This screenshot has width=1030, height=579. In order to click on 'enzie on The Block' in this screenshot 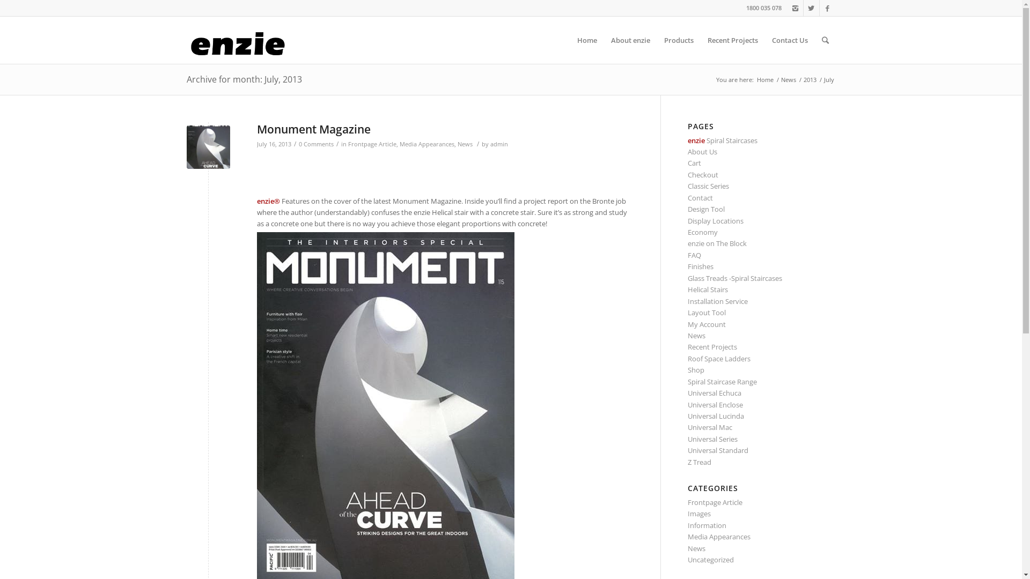, I will do `click(717, 243)`.